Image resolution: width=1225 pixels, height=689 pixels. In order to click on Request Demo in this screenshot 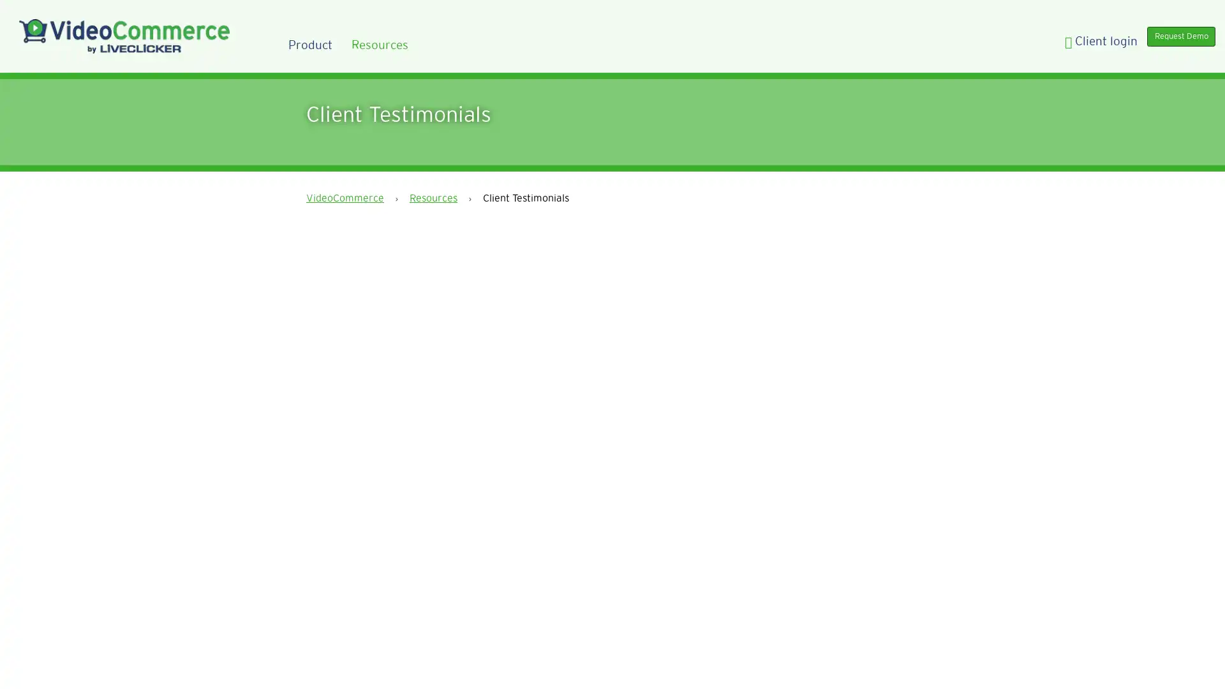, I will do `click(1171, 40)`.